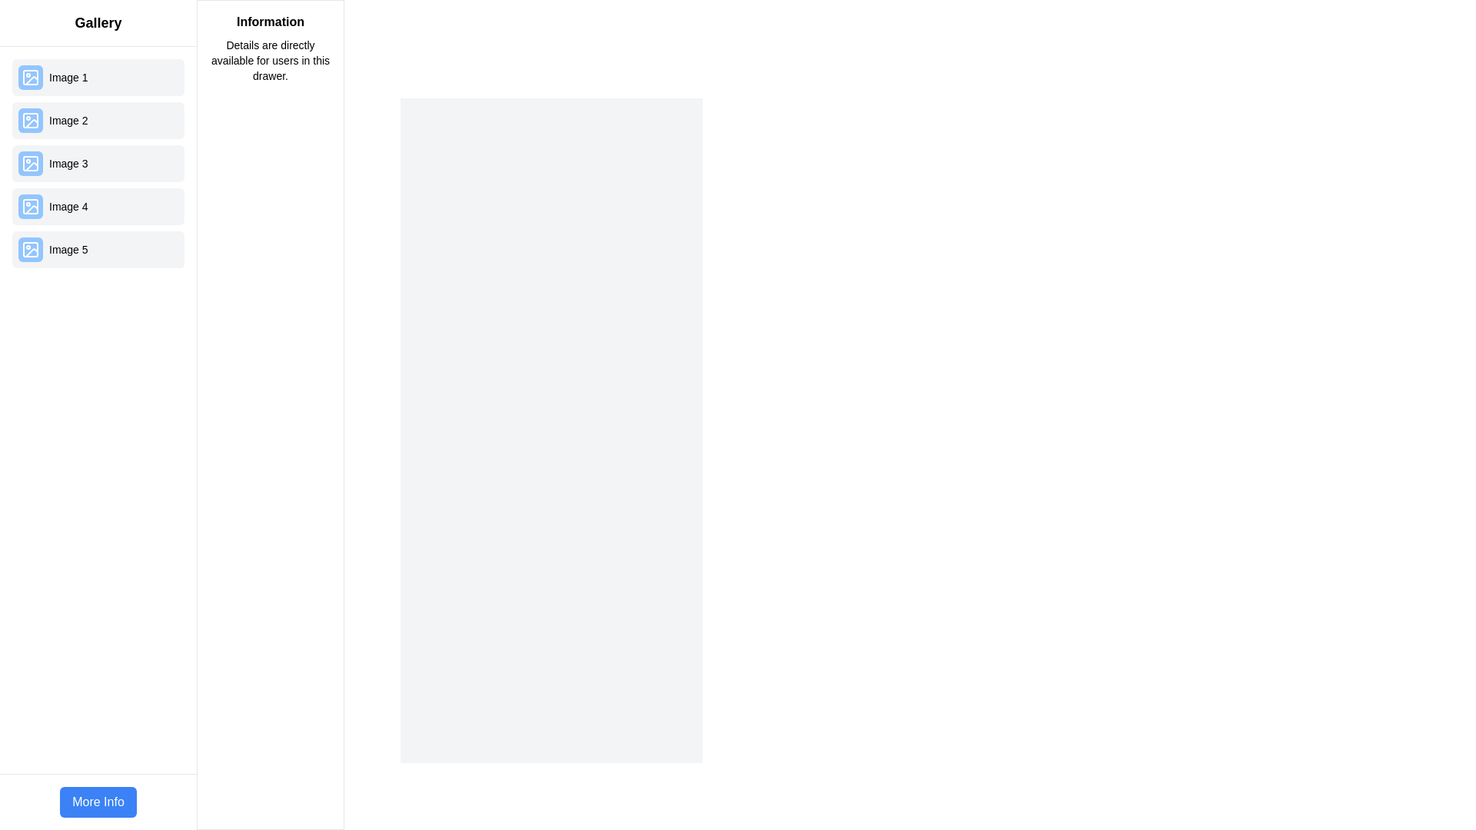 Image resolution: width=1476 pixels, height=830 pixels. Describe the element at coordinates (30, 206) in the screenshot. I see `the graphical SVG rectangle element representing the icon of the fourth list entry named 'Image 4' in the gallery panel` at that location.